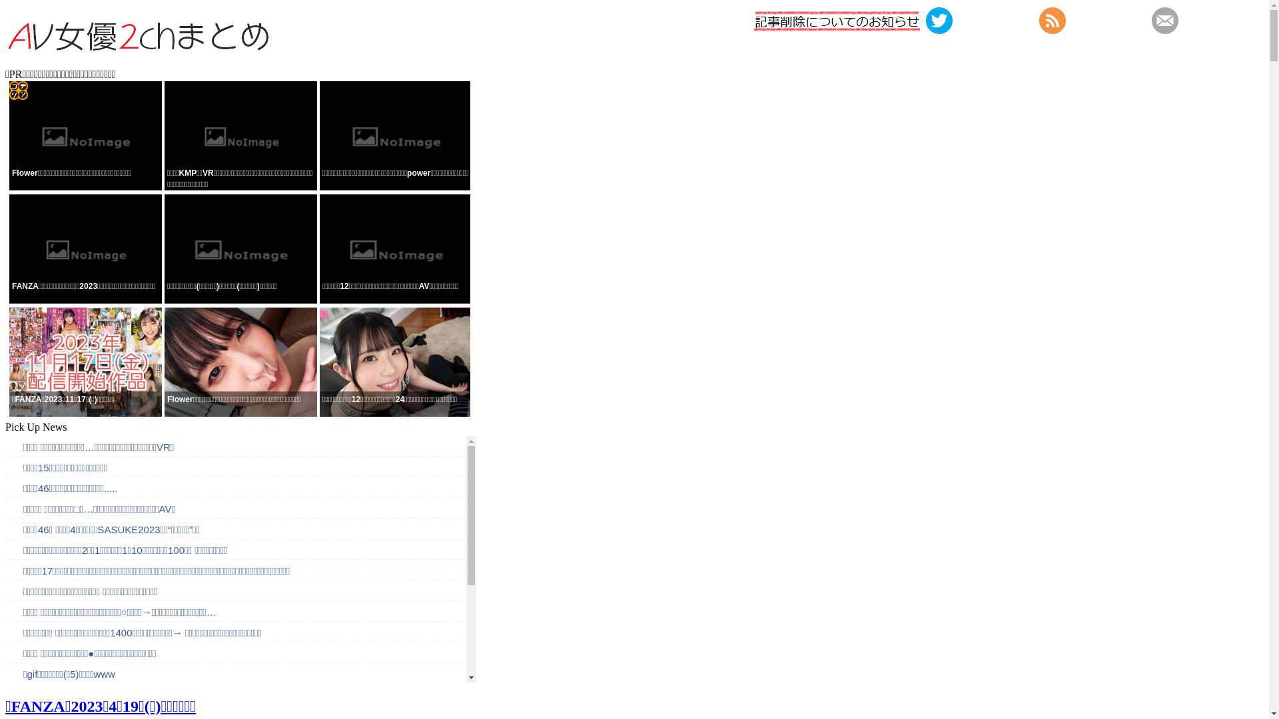 This screenshot has height=719, width=1279. What do you see at coordinates (939, 30) in the screenshot?
I see `'https://twitter.com/2chavcom'` at bounding box center [939, 30].